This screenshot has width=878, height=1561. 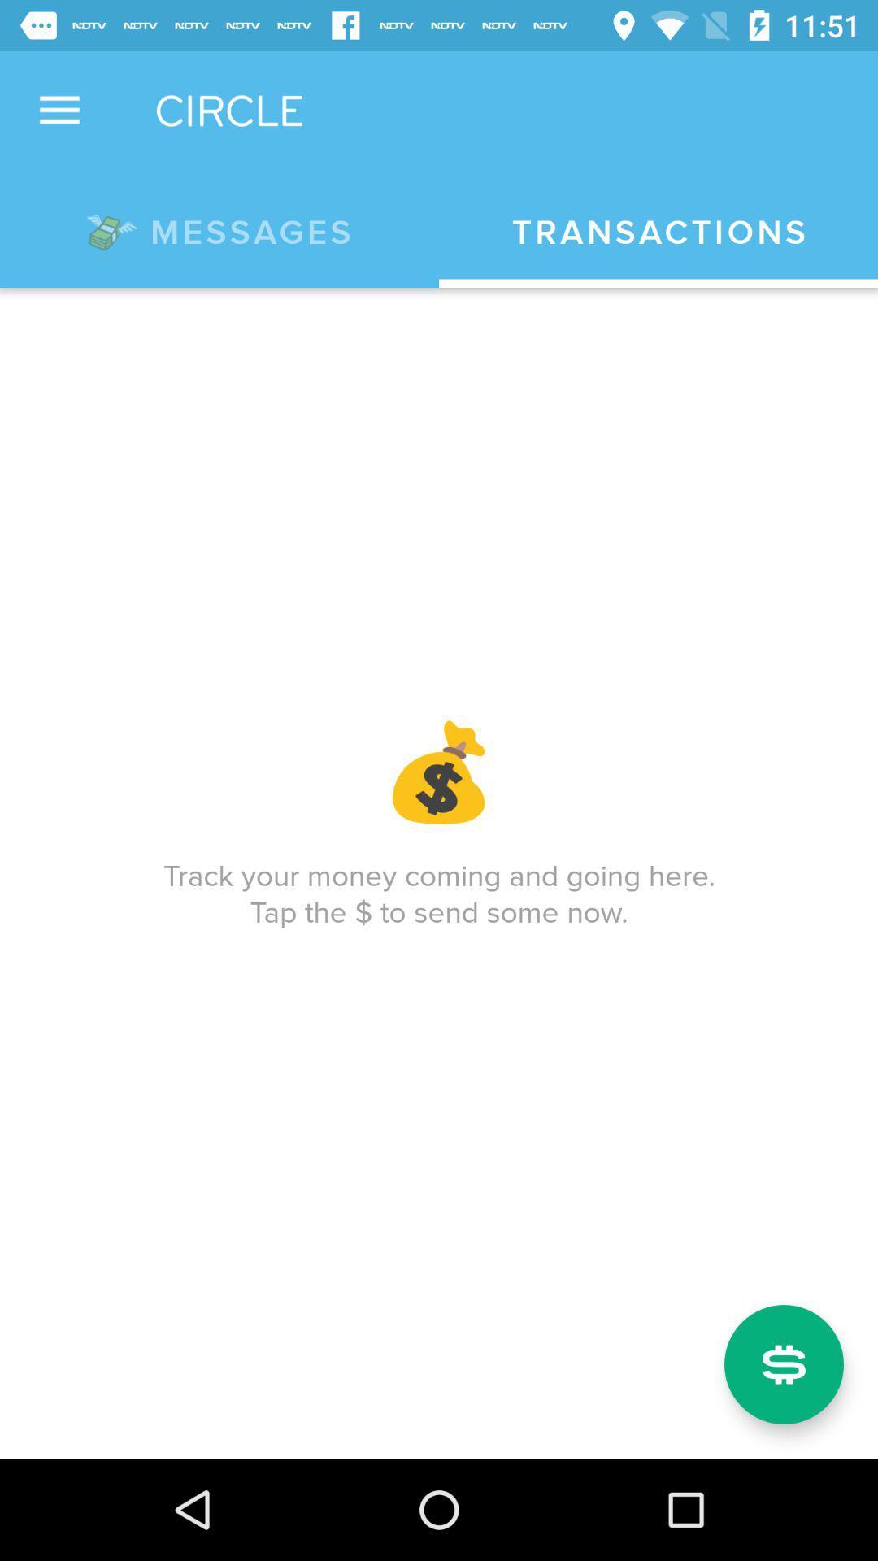 What do you see at coordinates (219, 228) in the screenshot?
I see `the *messages icon` at bounding box center [219, 228].